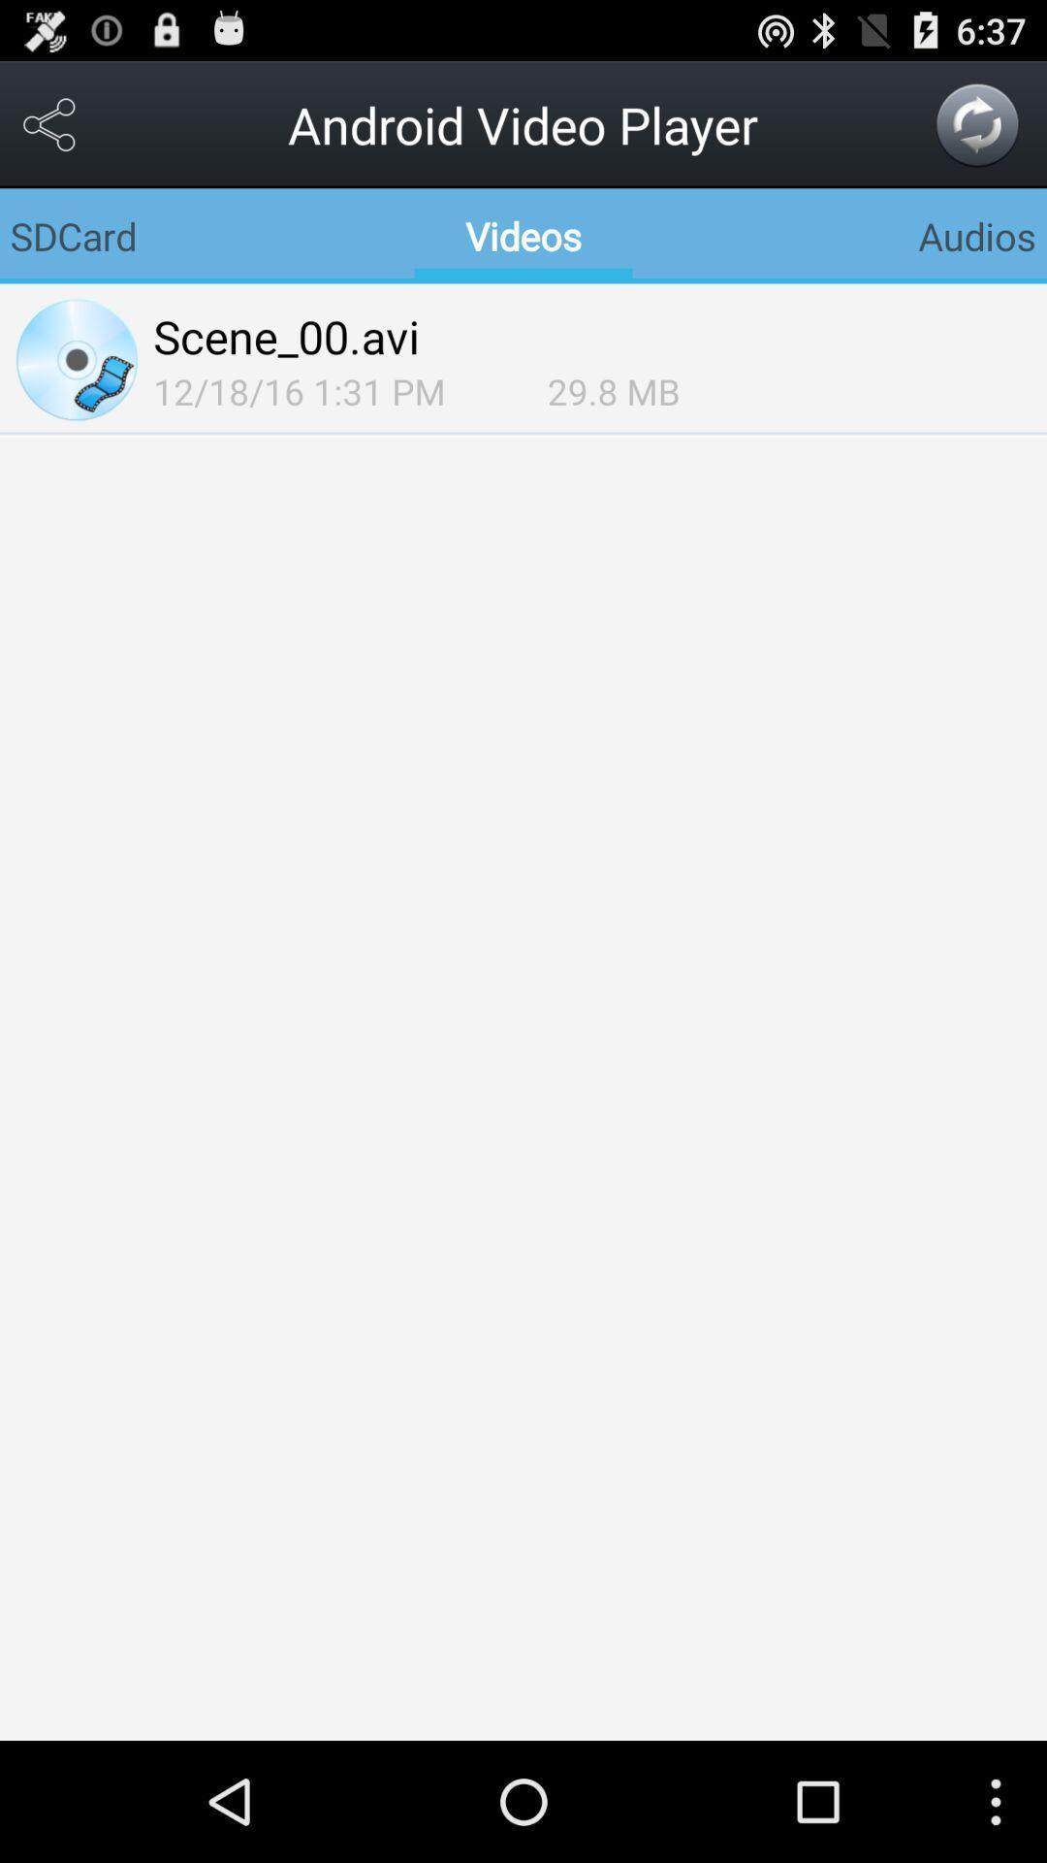  I want to click on the share icon, so click(49, 132).